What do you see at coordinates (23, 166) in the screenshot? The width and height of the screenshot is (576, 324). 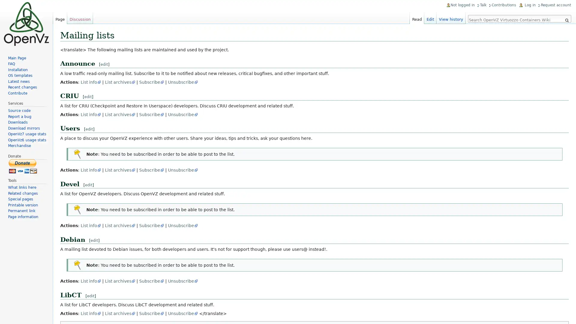 I see `PayPal - The safer, easier way to pay online!` at bounding box center [23, 166].